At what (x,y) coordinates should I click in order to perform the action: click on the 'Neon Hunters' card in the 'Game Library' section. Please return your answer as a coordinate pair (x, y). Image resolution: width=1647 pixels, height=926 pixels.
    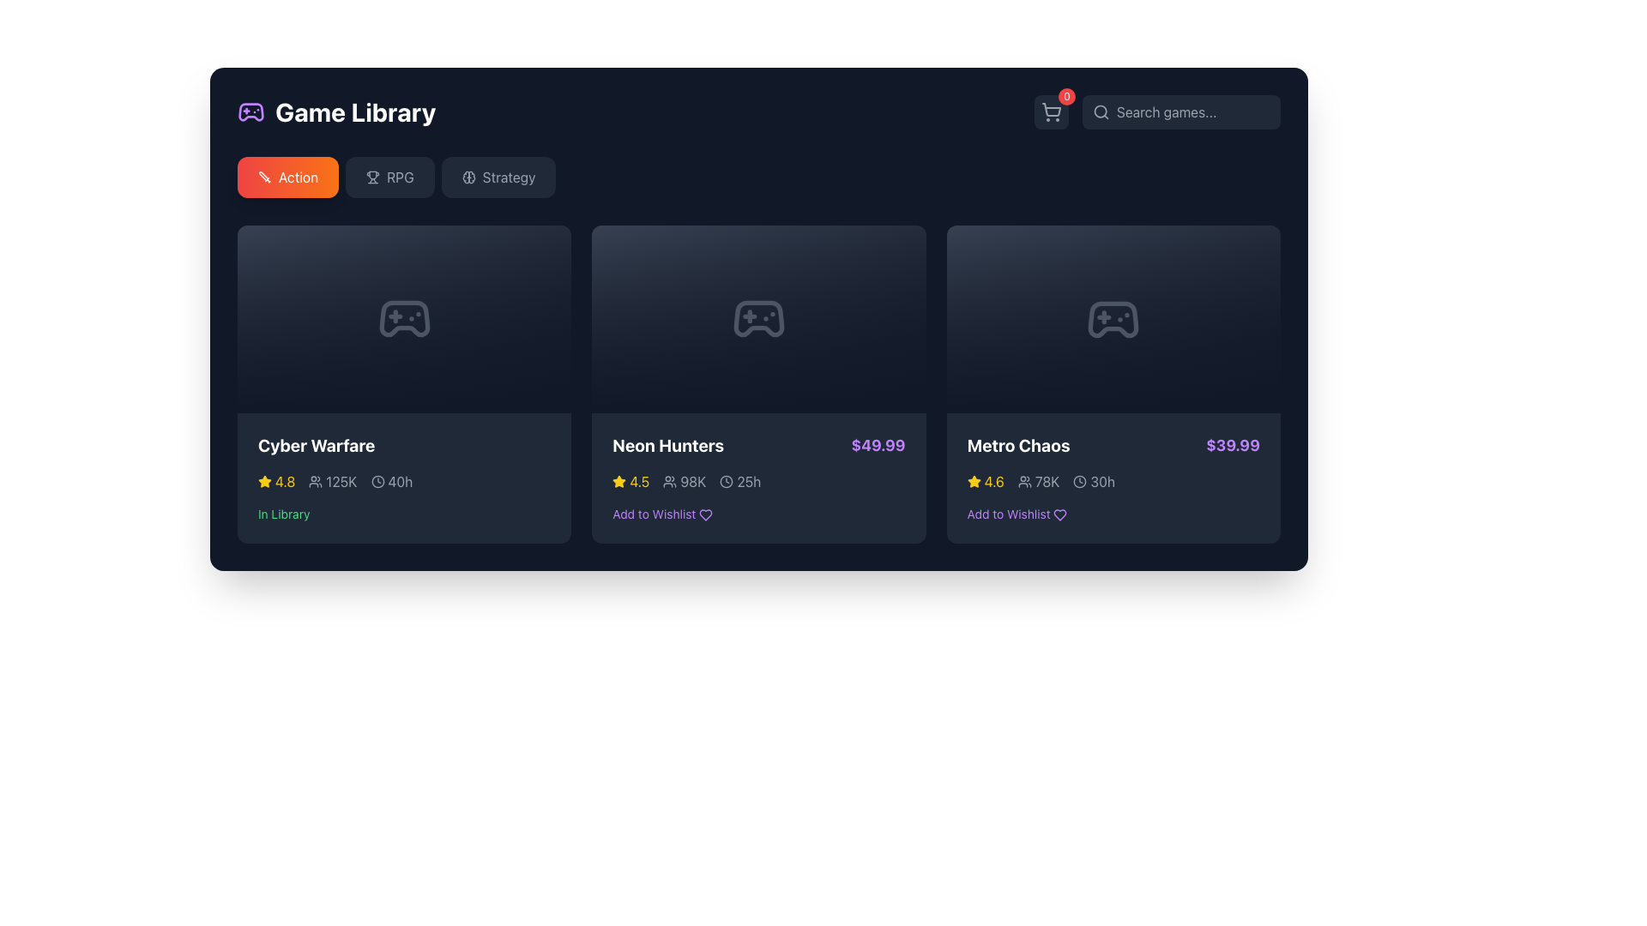
    Looking at the image, I should click on (757, 478).